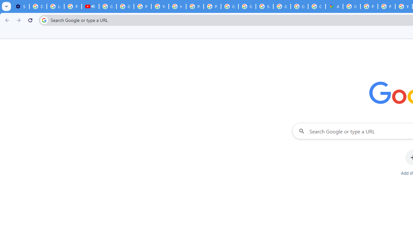  Describe the element at coordinates (264, 6) in the screenshot. I see `'Sign in - Google Accounts'` at that location.